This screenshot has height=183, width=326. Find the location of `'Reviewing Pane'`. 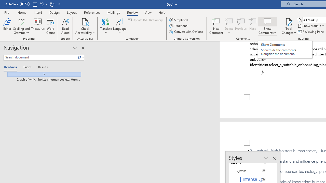

'Reviewing Pane' is located at coordinates (311, 32).